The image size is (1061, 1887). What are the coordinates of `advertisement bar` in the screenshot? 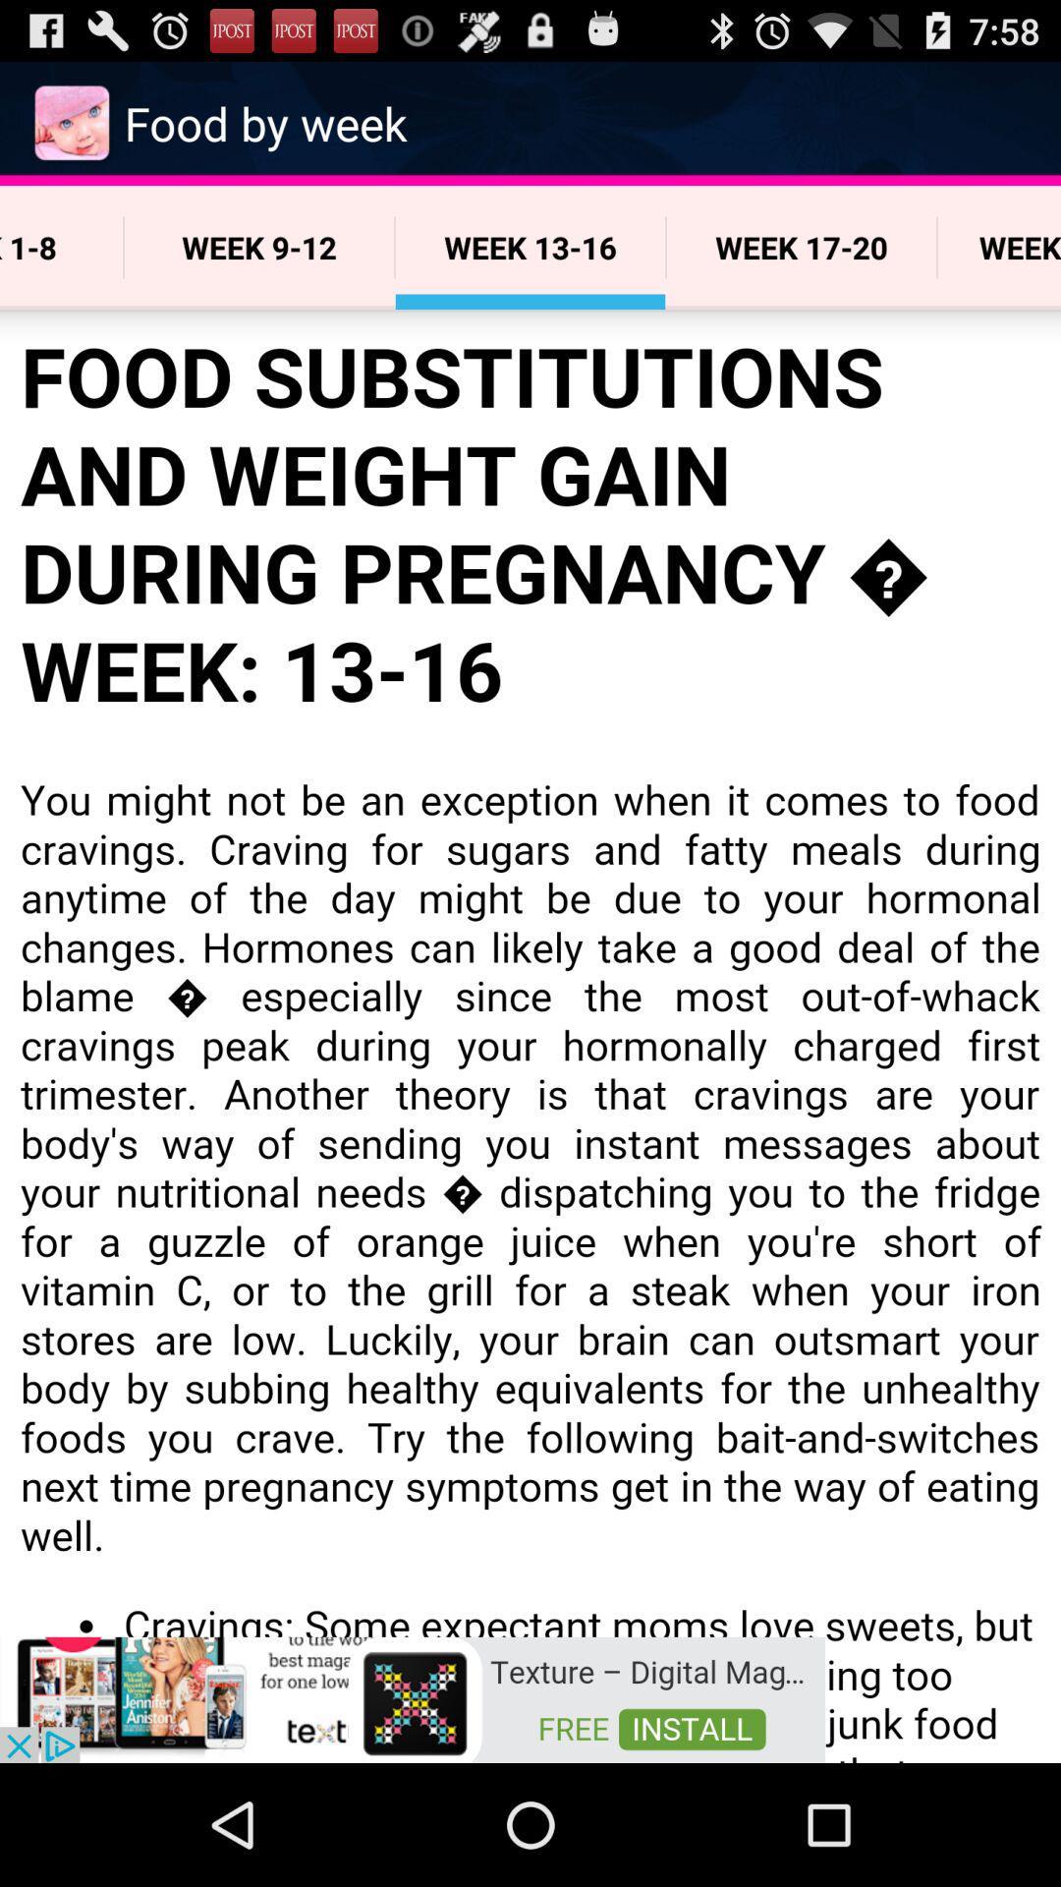 It's located at (412, 1697).